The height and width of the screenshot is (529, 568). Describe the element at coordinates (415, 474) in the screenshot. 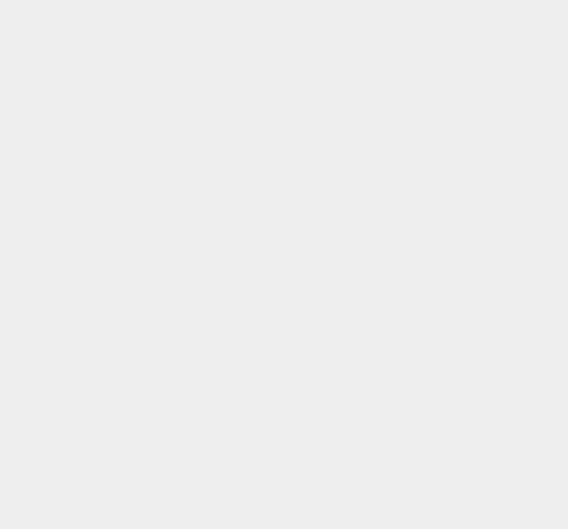

I see `'Android 9'` at that location.